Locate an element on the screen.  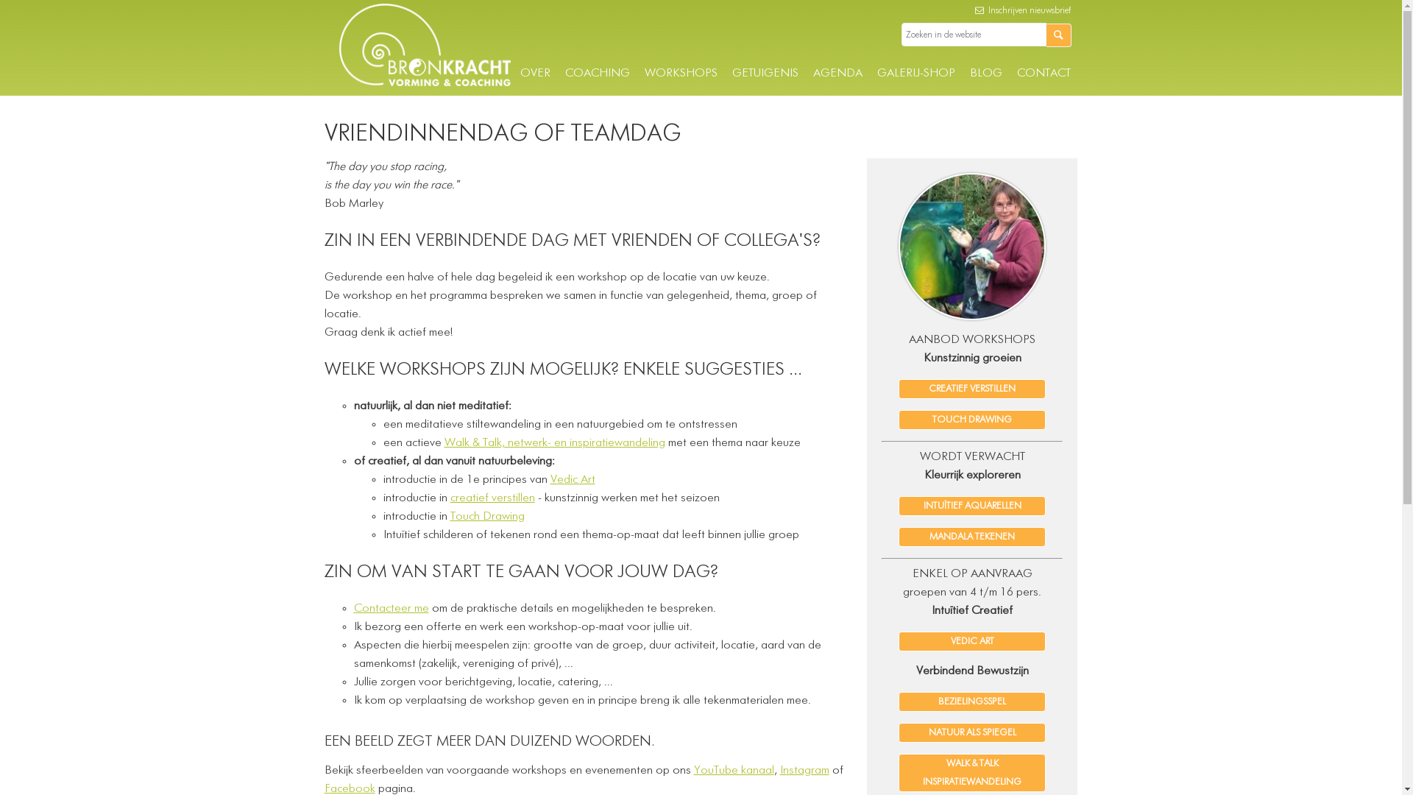
'AGENDA' is located at coordinates (837, 74).